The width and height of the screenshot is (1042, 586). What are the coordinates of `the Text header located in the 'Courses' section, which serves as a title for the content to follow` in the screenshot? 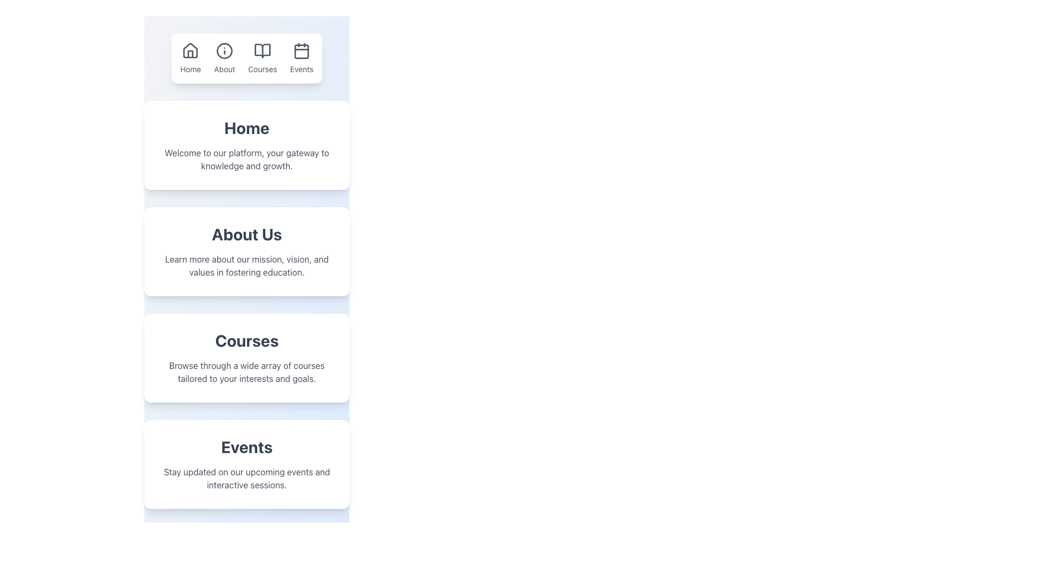 It's located at (246, 340).